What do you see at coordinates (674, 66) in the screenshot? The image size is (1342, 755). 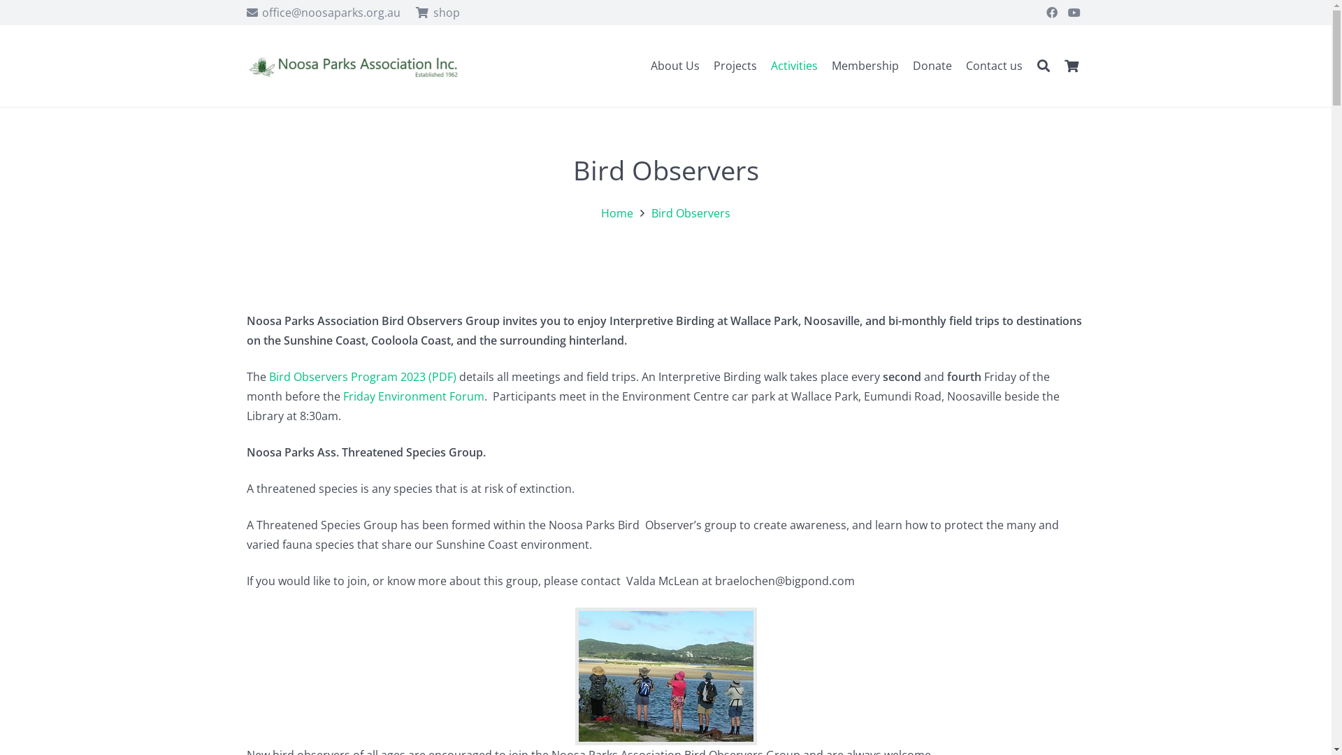 I see `'About Us'` at bounding box center [674, 66].